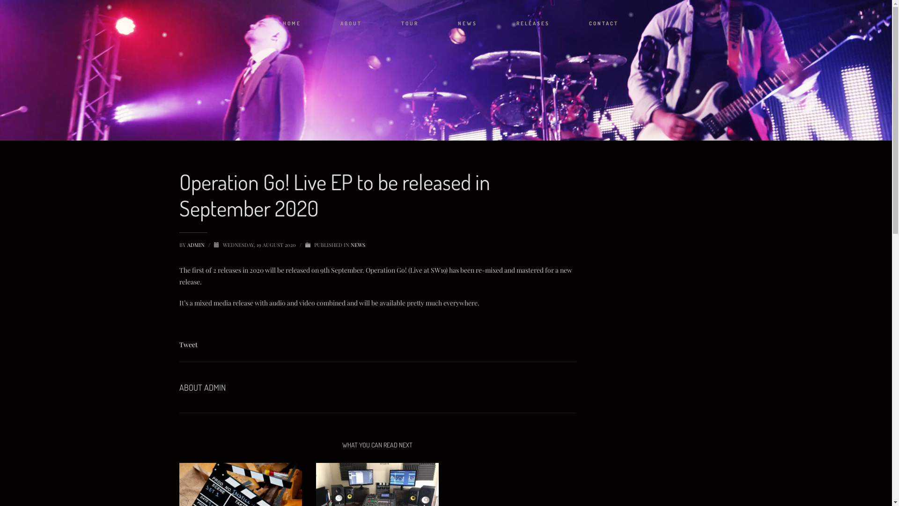  What do you see at coordinates (410, 23) in the screenshot?
I see `'TOUR'` at bounding box center [410, 23].